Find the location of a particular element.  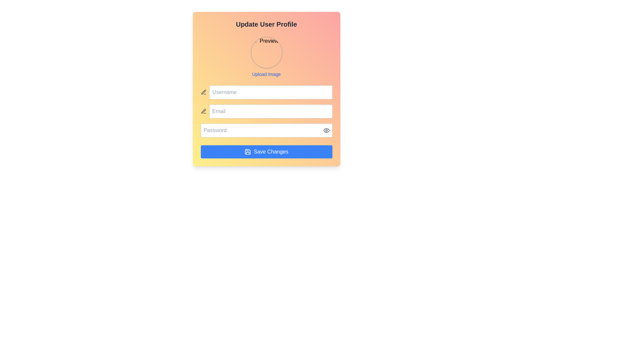

the SVG icon that symbolizes the 'edit' or 'input' capability located to the left of the 'Username' input field is located at coordinates (203, 111).